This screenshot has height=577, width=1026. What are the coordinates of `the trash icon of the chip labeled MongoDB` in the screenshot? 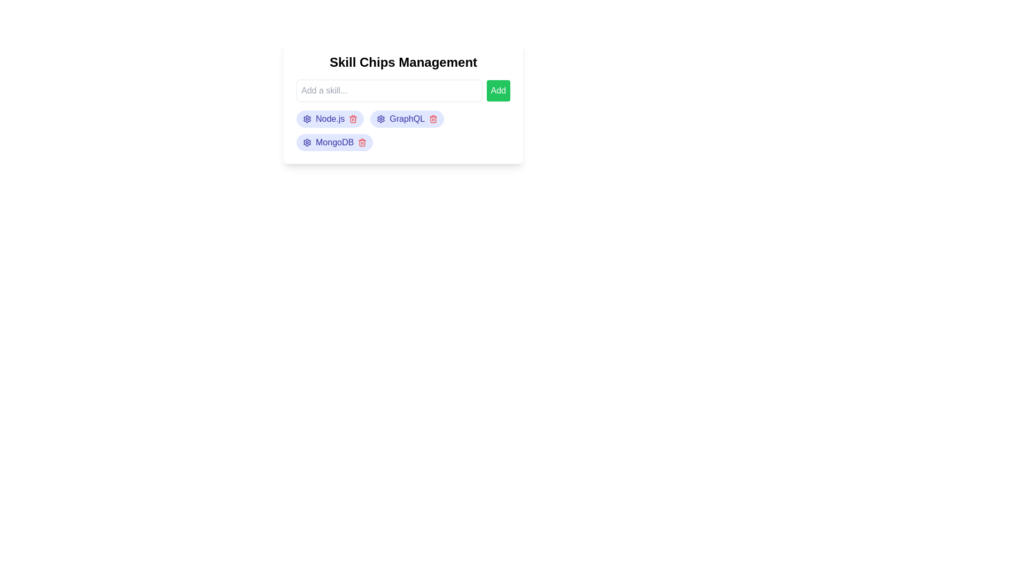 It's located at (362, 142).